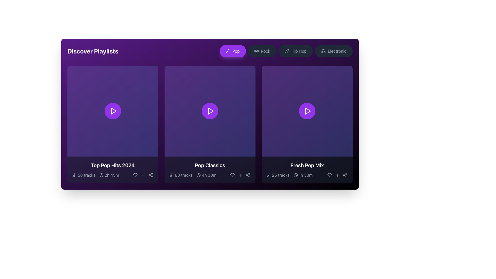  Describe the element at coordinates (84, 175) in the screenshot. I see `displayed information from the Informative Label that shows '50 tracks' next to the music note icon, located at the bottom-left corner of the 'Top Pop Hits 2024' card` at that location.